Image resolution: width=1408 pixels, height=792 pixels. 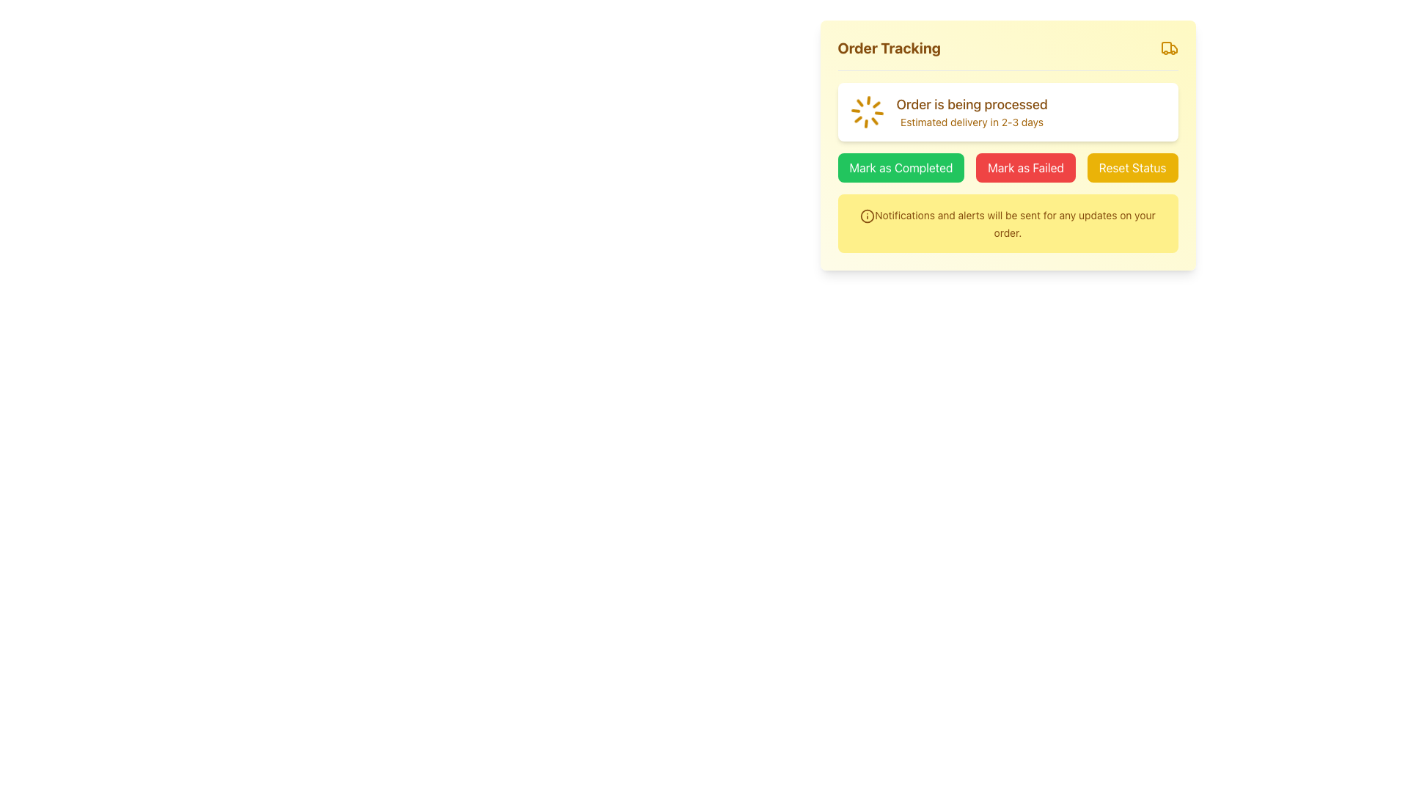 What do you see at coordinates (1025, 166) in the screenshot?
I see `the second button that marks the order as failed, located below the 'Order is being processed' text block, to observe style changes` at bounding box center [1025, 166].